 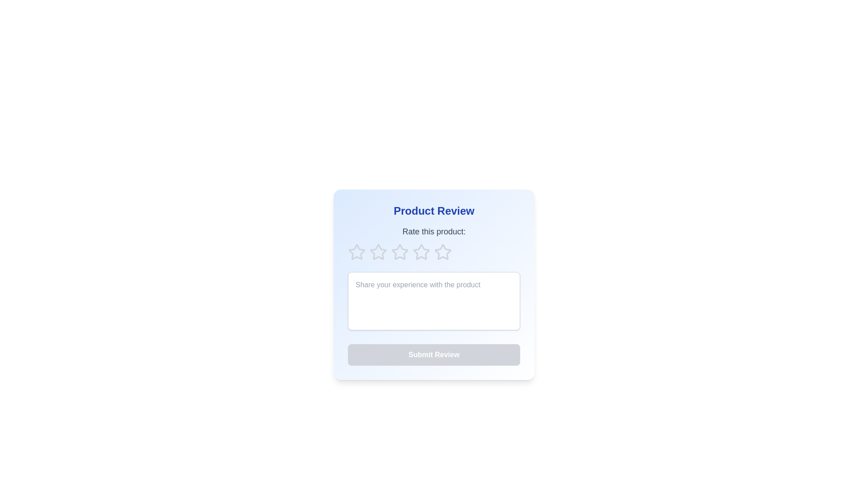 I want to click on the star icon in the star-based rating system located beneath the text 'Rate this product:', so click(x=434, y=252).